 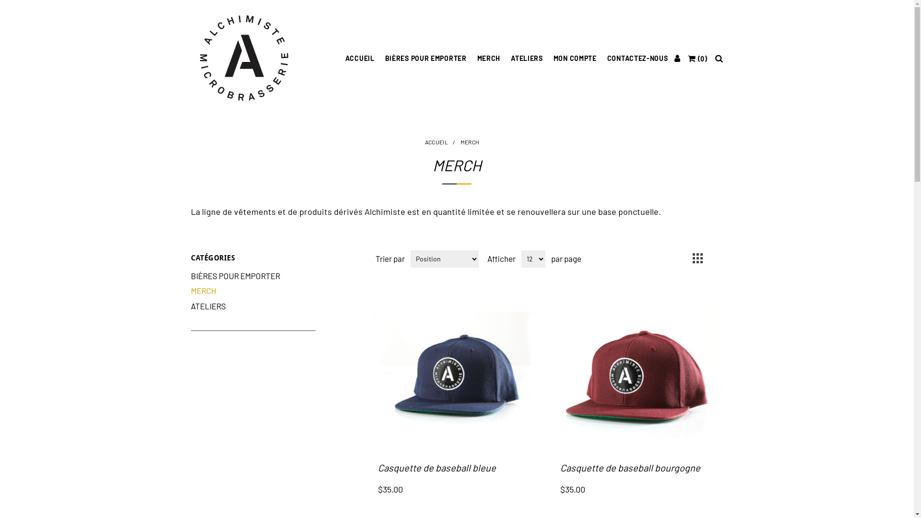 What do you see at coordinates (639, 373) in the screenshot?
I see `'Agrandir l'image de Casquette de baseball bourgogne'` at bounding box center [639, 373].